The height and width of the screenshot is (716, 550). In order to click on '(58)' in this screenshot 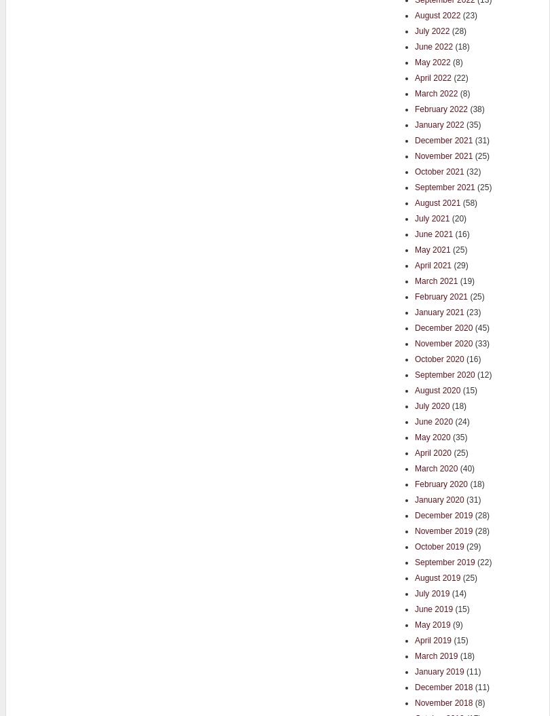, I will do `click(468, 201)`.